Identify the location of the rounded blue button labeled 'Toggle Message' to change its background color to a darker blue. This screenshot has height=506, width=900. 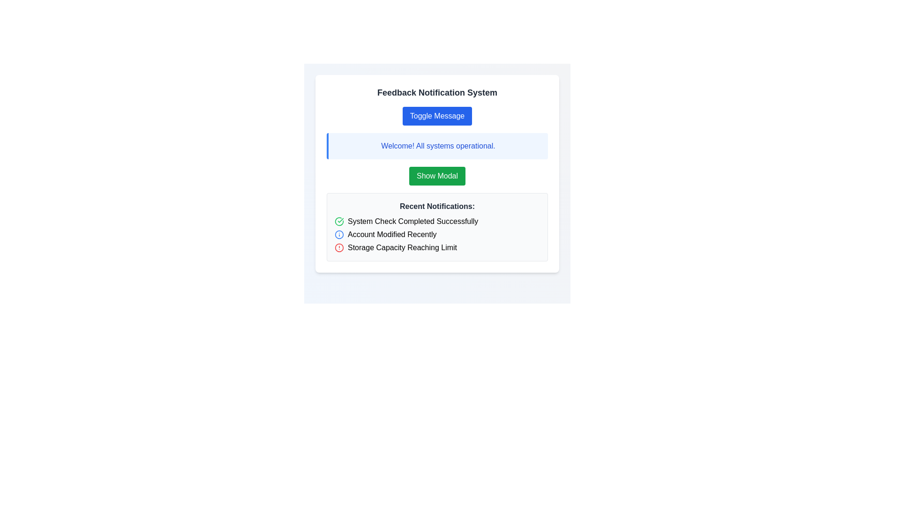
(436, 115).